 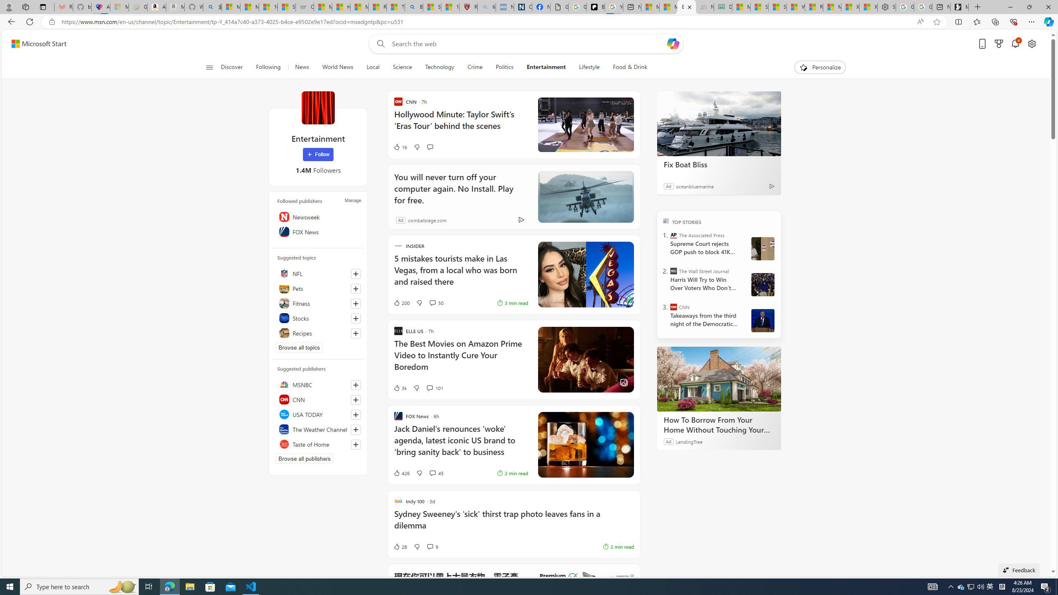 What do you see at coordinates (209, 67) in the screenshot?
I see `'Open navigation menu'` at bounding box center [209, 67].